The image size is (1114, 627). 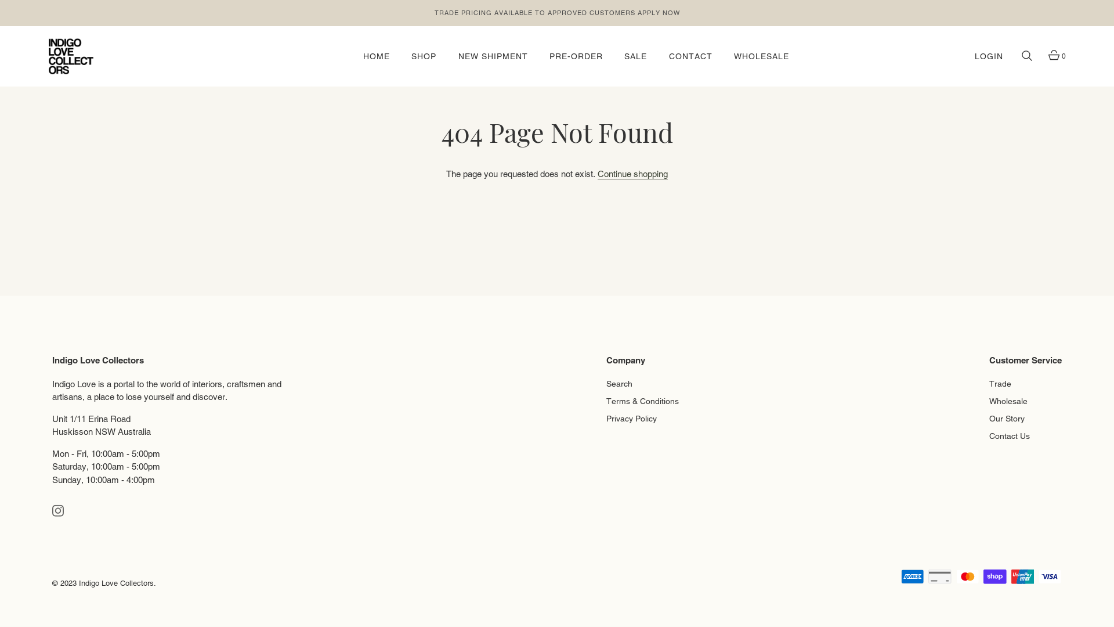 I want to click on 'Instagram', so click(x=52, y=509).